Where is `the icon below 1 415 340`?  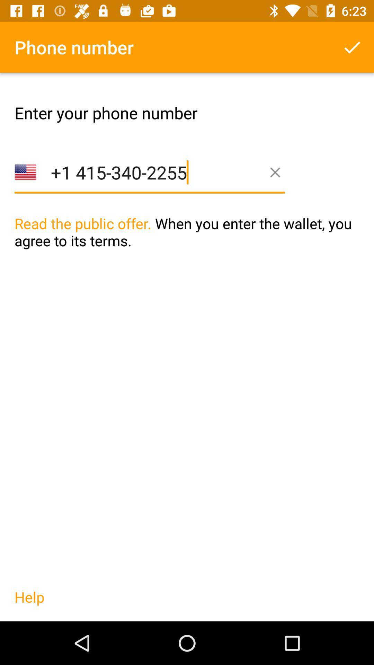 the icon below 1 415 340 is located at coordinates (187, 246).